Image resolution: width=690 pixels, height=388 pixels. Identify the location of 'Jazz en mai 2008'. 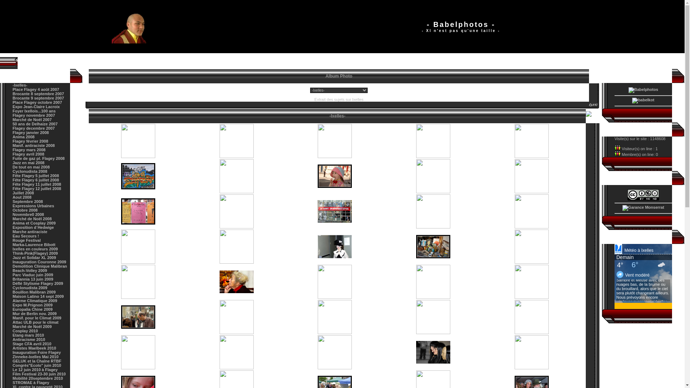
(28, 162).